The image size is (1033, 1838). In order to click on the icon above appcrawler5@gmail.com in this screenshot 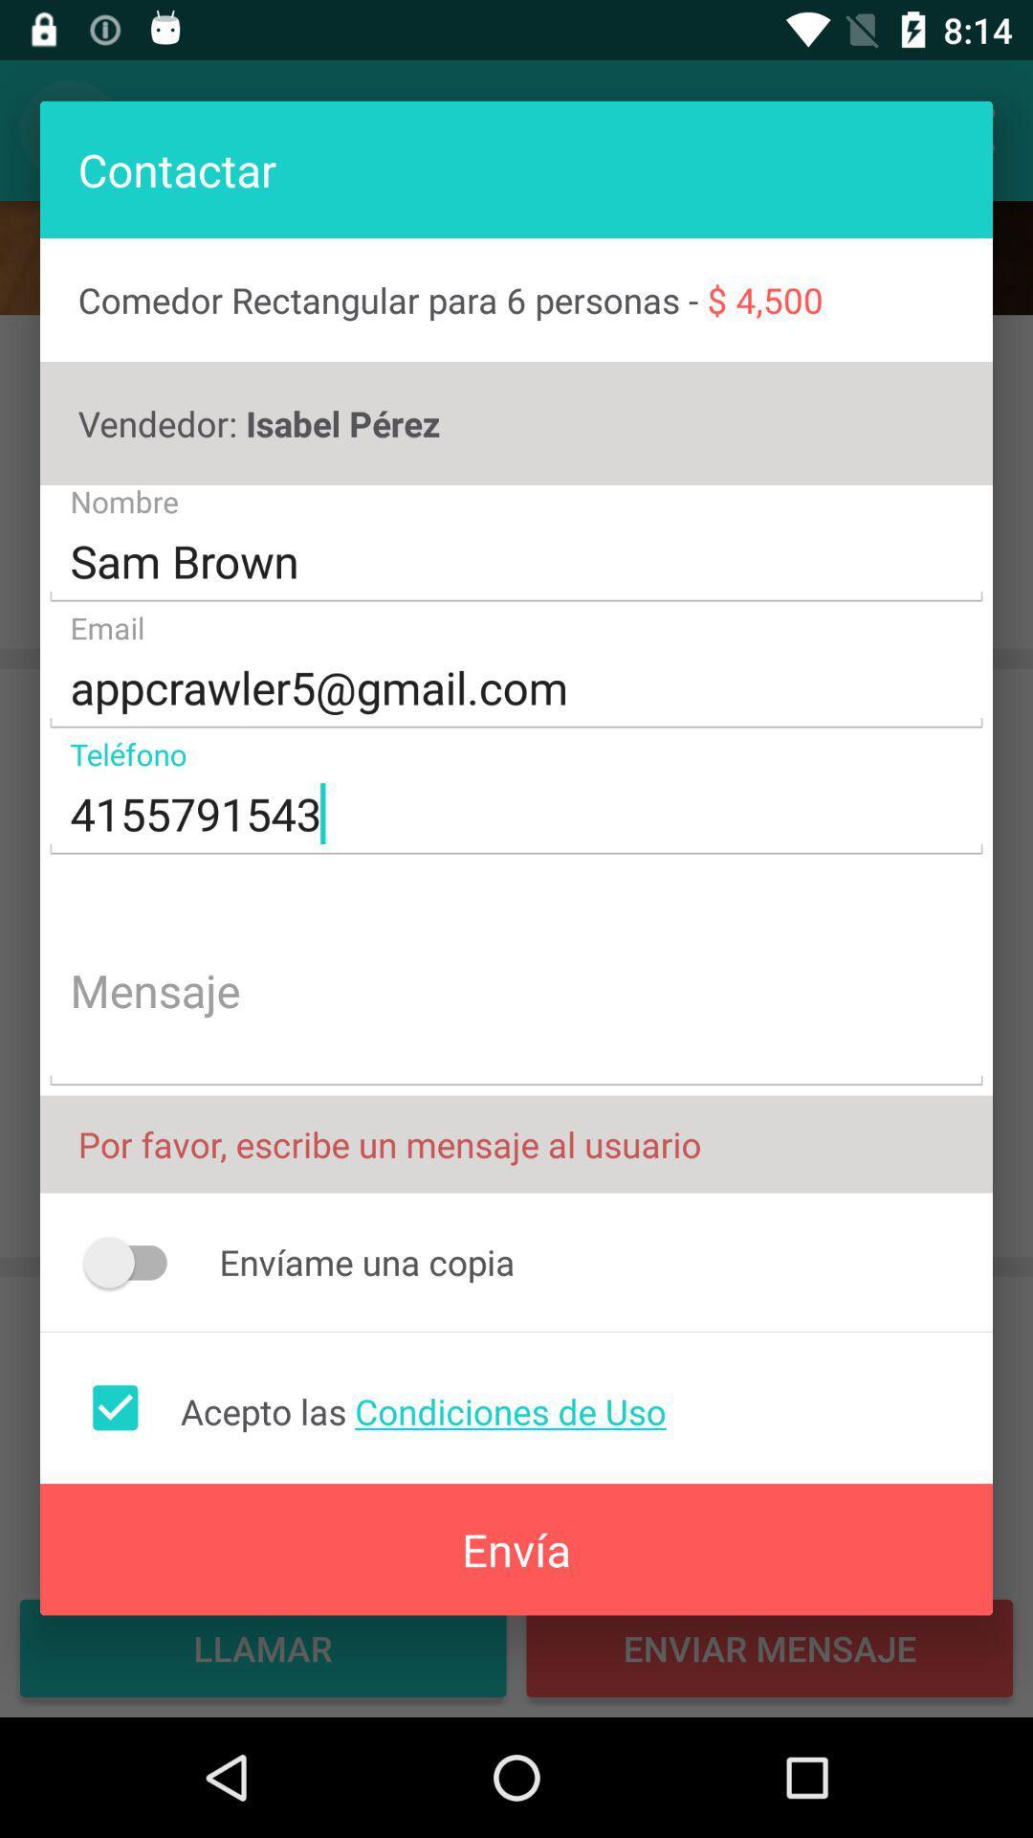, I will do `click(516, 561)`.